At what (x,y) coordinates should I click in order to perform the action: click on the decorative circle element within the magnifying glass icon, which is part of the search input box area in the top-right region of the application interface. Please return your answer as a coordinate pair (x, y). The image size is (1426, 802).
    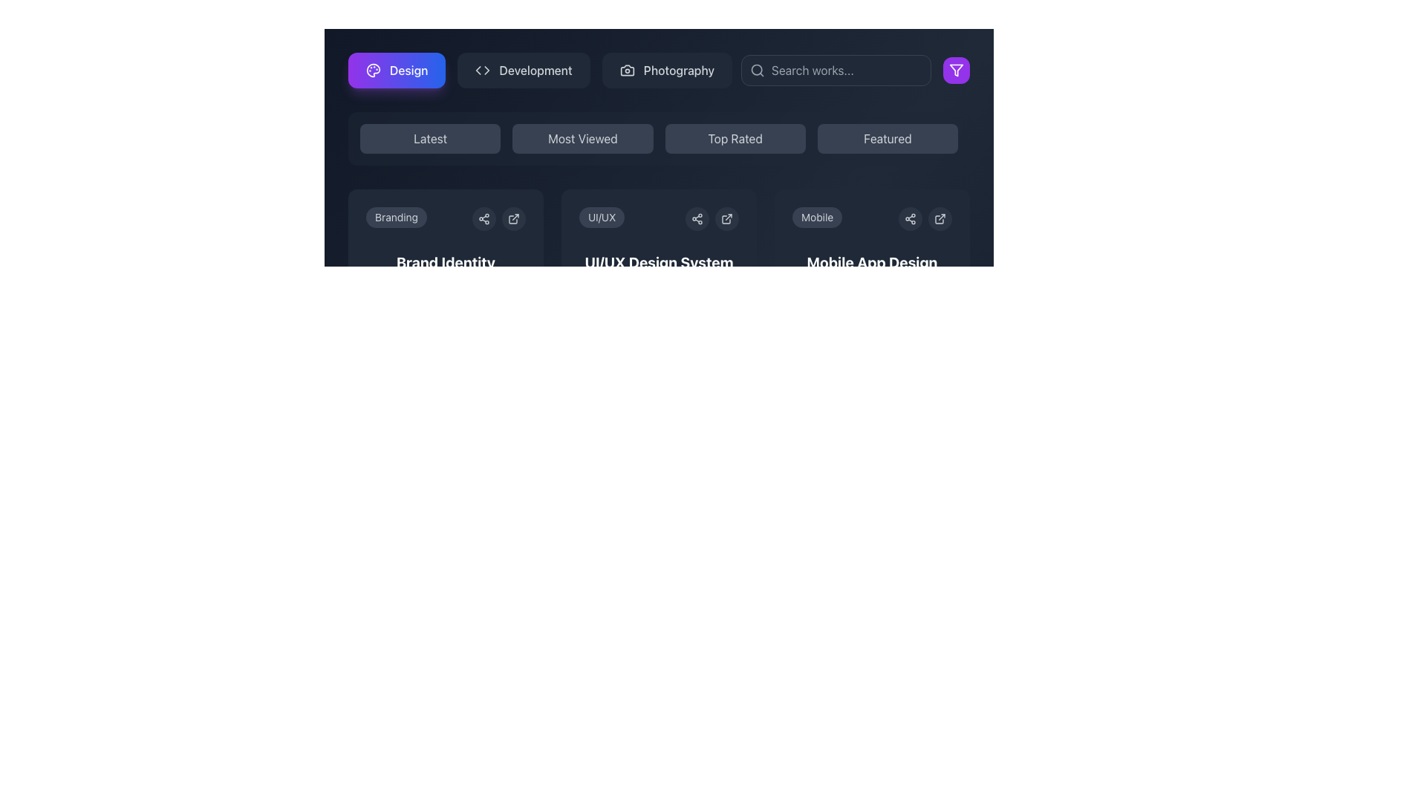
    Looking at the image, I should click on (757, 70).